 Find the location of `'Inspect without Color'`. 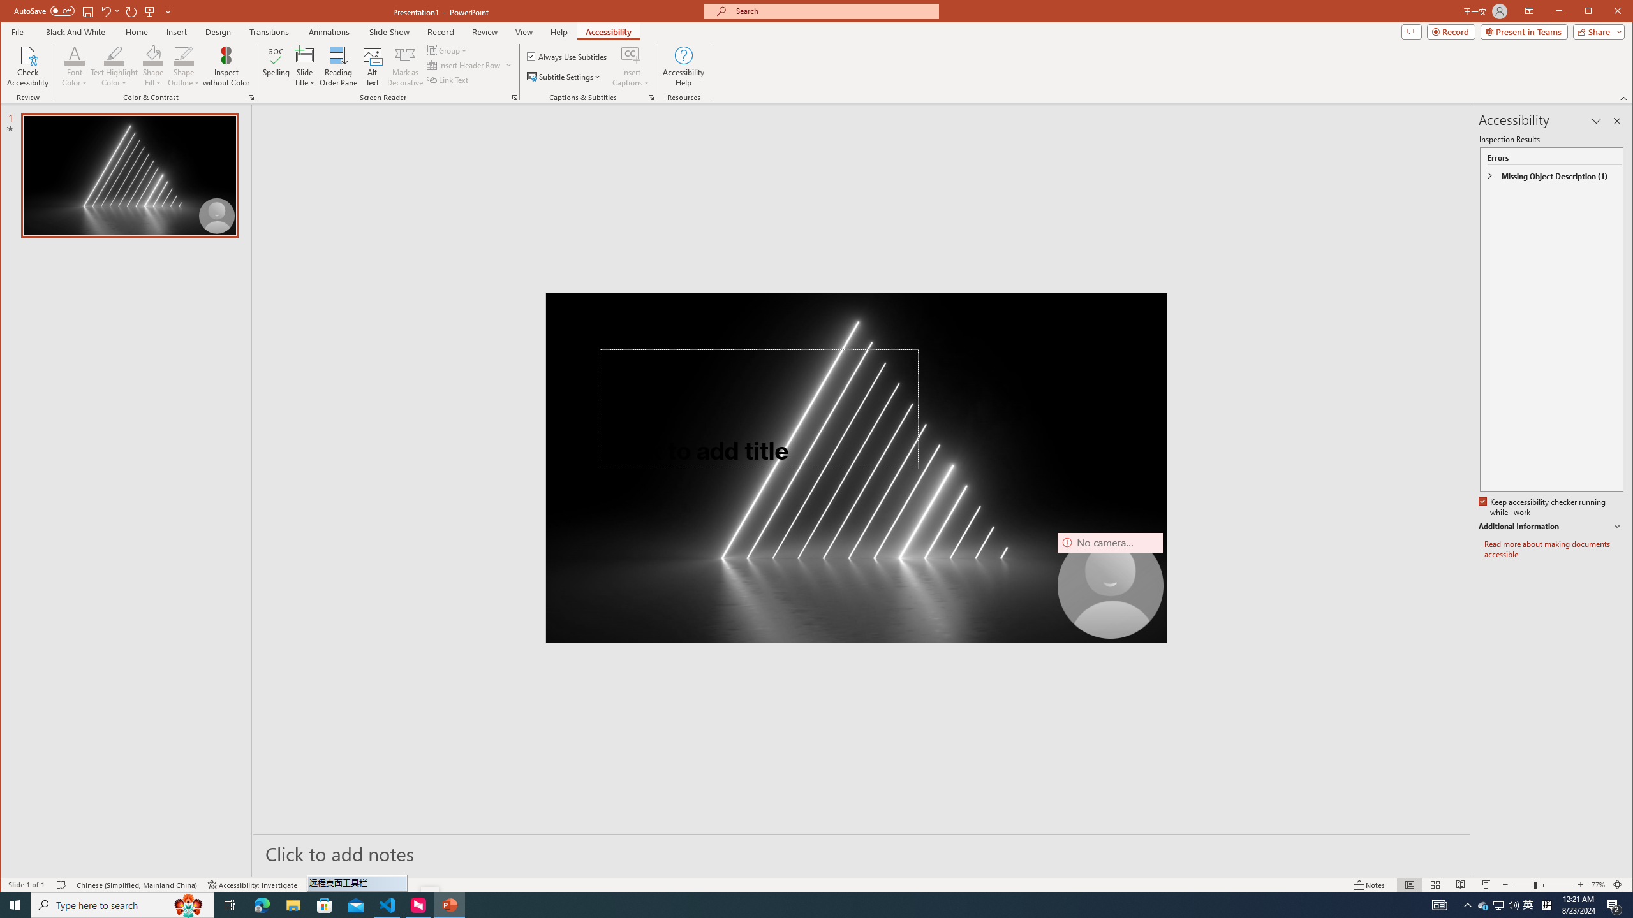

'Inspect without Color' is located at coordinates (226, 66).